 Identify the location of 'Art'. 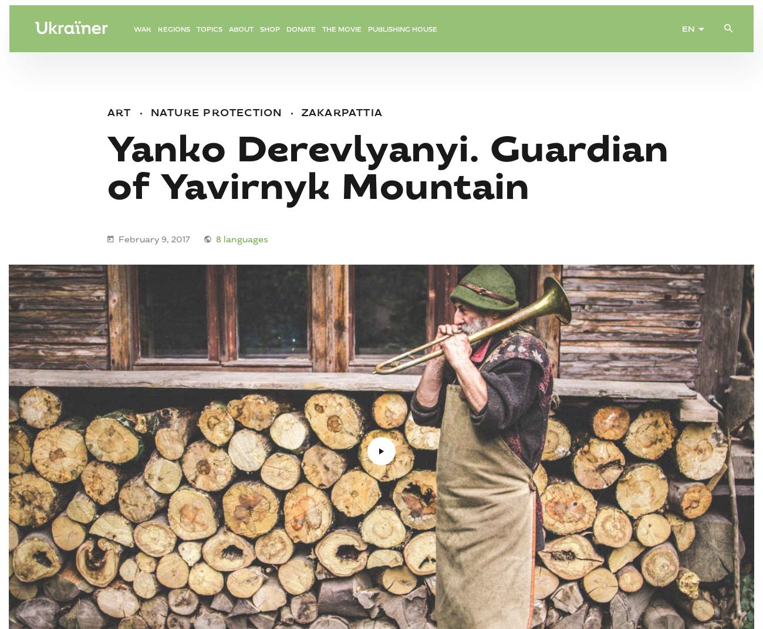
(119, 112).